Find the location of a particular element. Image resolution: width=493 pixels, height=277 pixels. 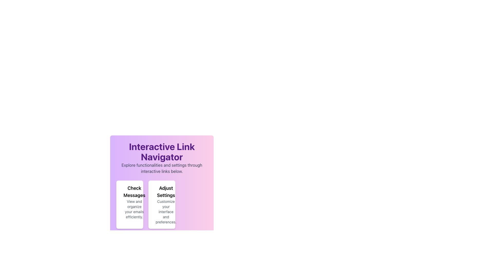

descriptive text block that says 'View and organize your emails efficiently.' located below 'Check Messages' within the same card interface is located at coordinates (134, 209).